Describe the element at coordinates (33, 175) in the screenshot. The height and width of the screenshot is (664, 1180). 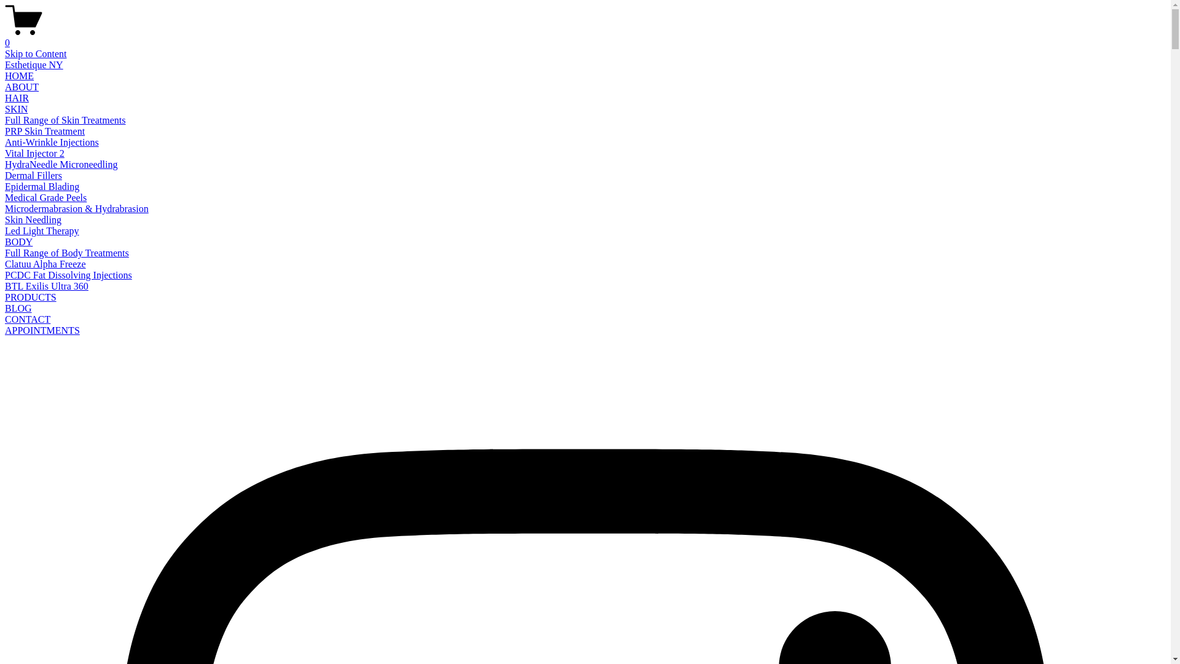
I see `'Dermal Fillers'` at that location.